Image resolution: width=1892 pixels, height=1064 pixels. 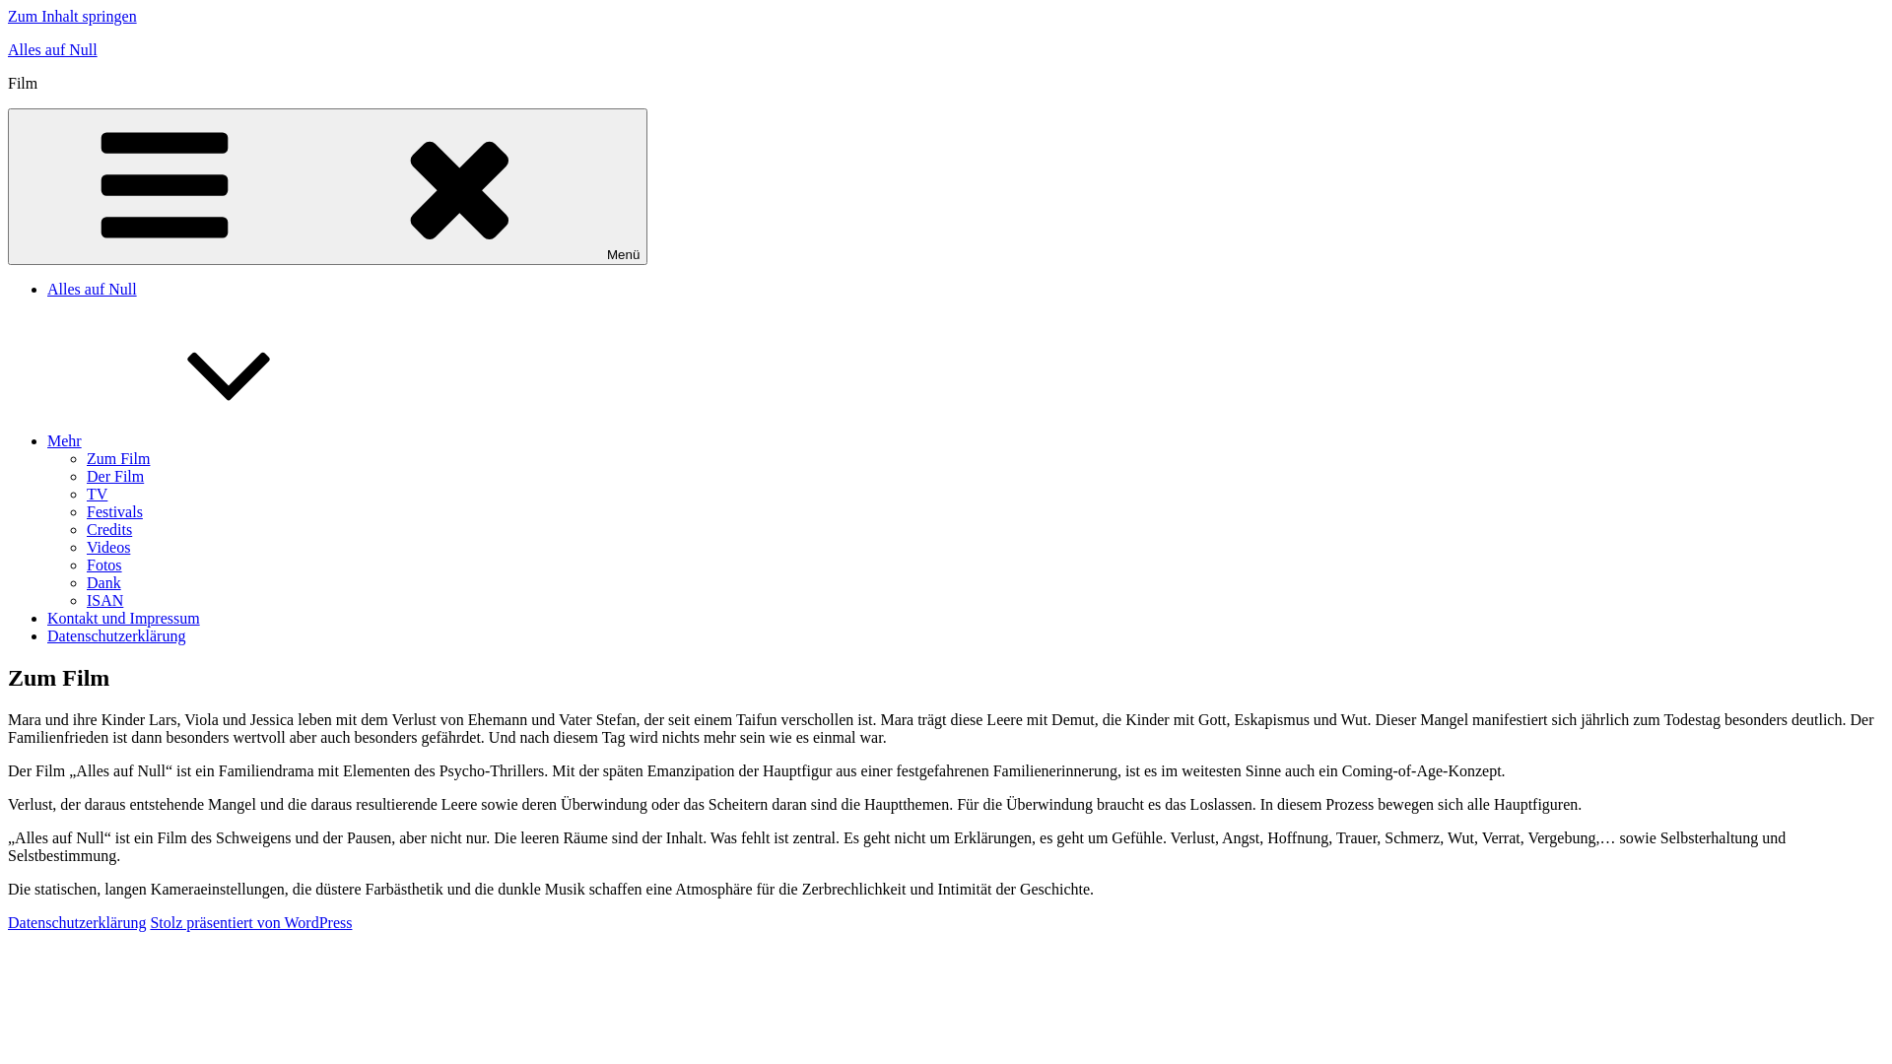 I want to click on 'Alles auf Null', so click(x=91, y=289).